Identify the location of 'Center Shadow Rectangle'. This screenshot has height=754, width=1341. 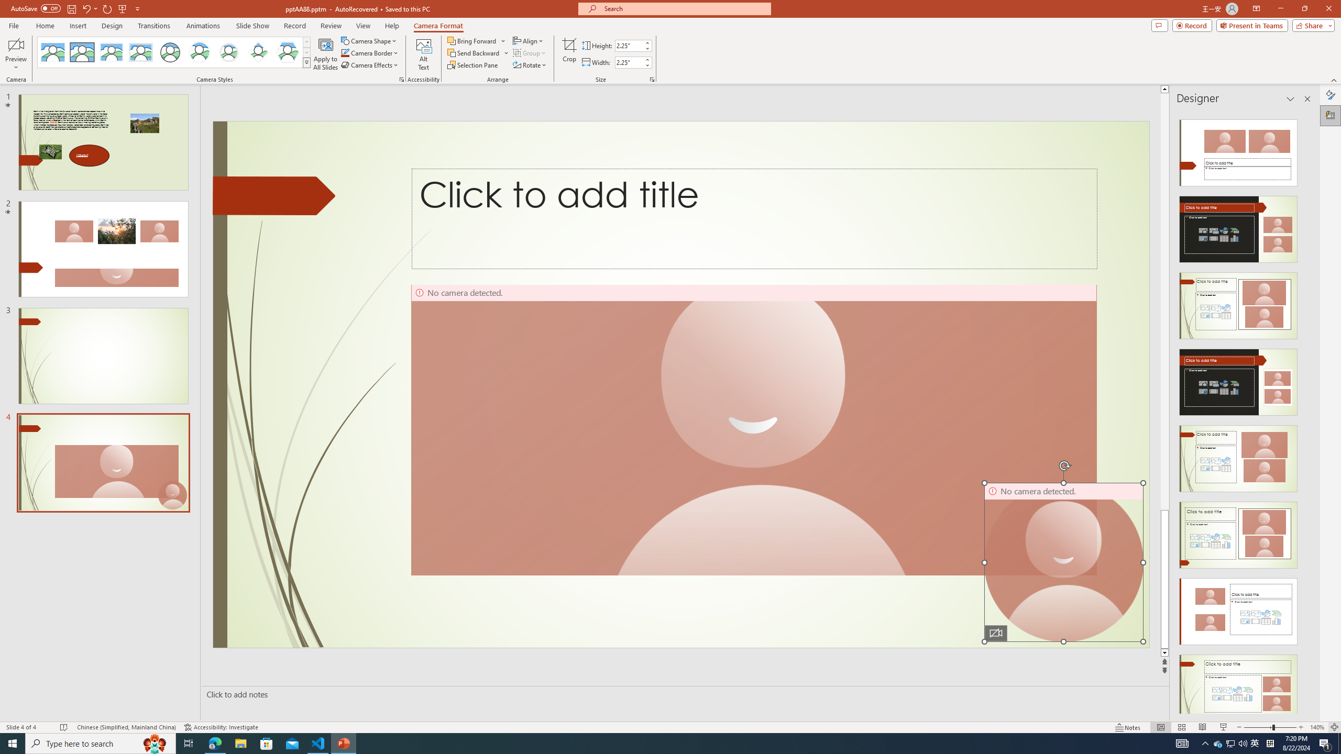
(111, 52).